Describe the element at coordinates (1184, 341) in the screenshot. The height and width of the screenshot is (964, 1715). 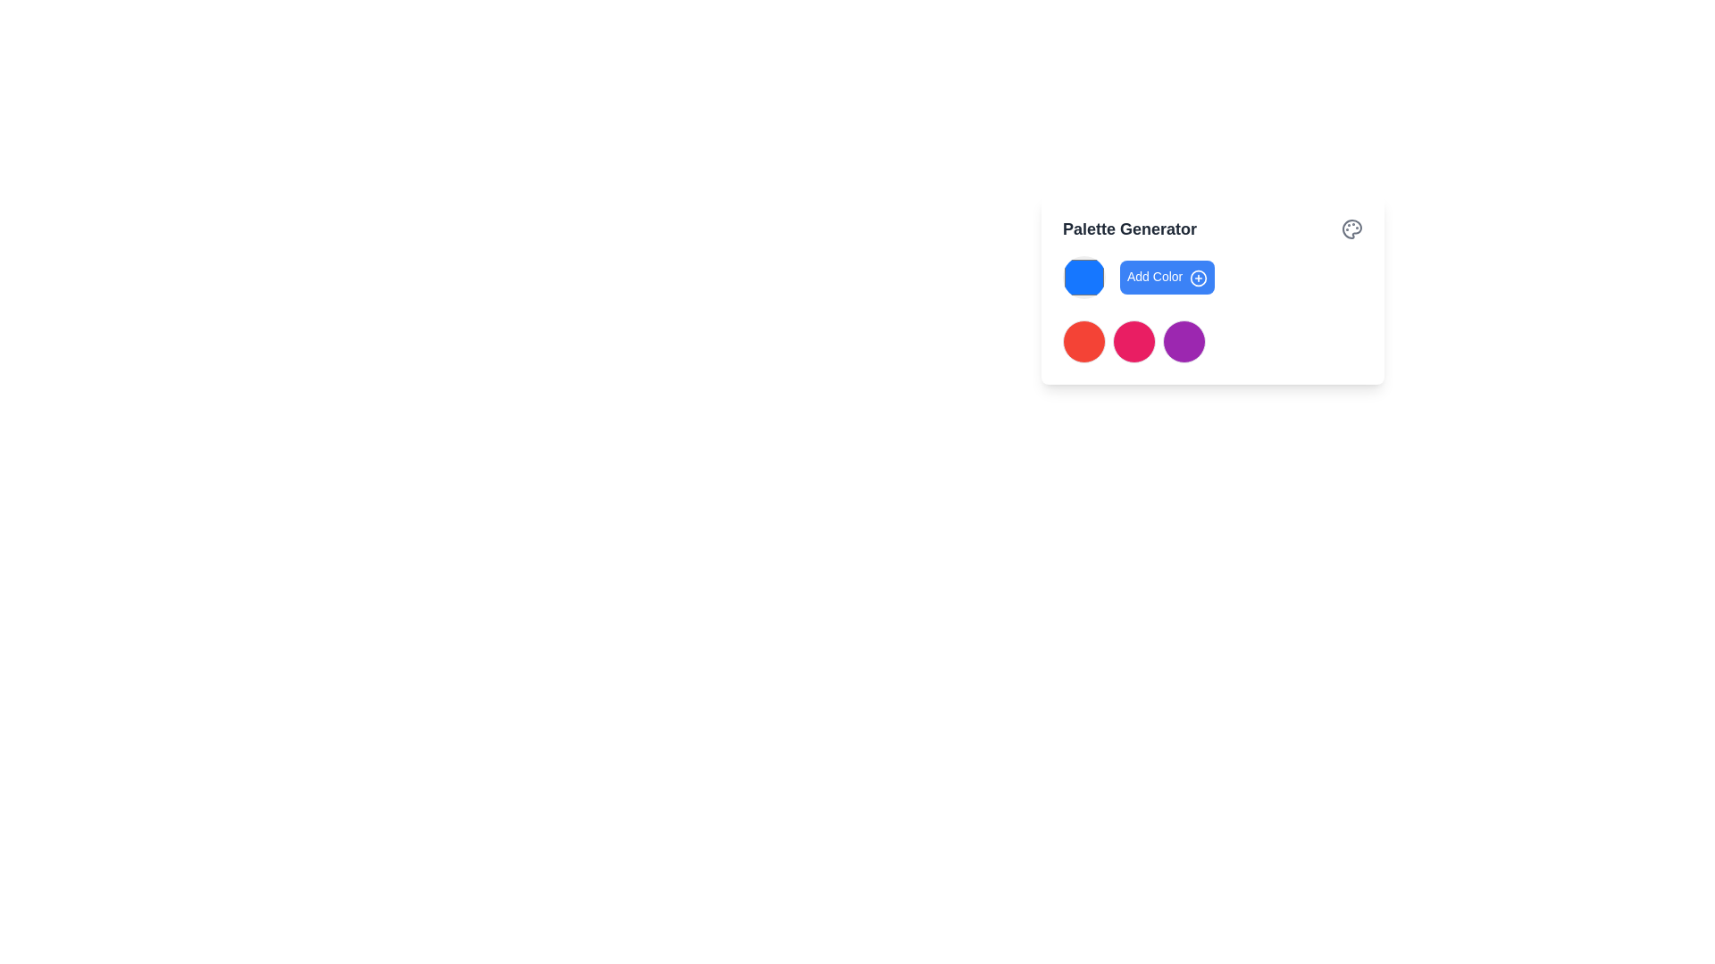
I see `the third circle from the left in the color palette, which represents a purple hue, located beneath the blue octagonal shape and the 'Add Color' button` at that location.